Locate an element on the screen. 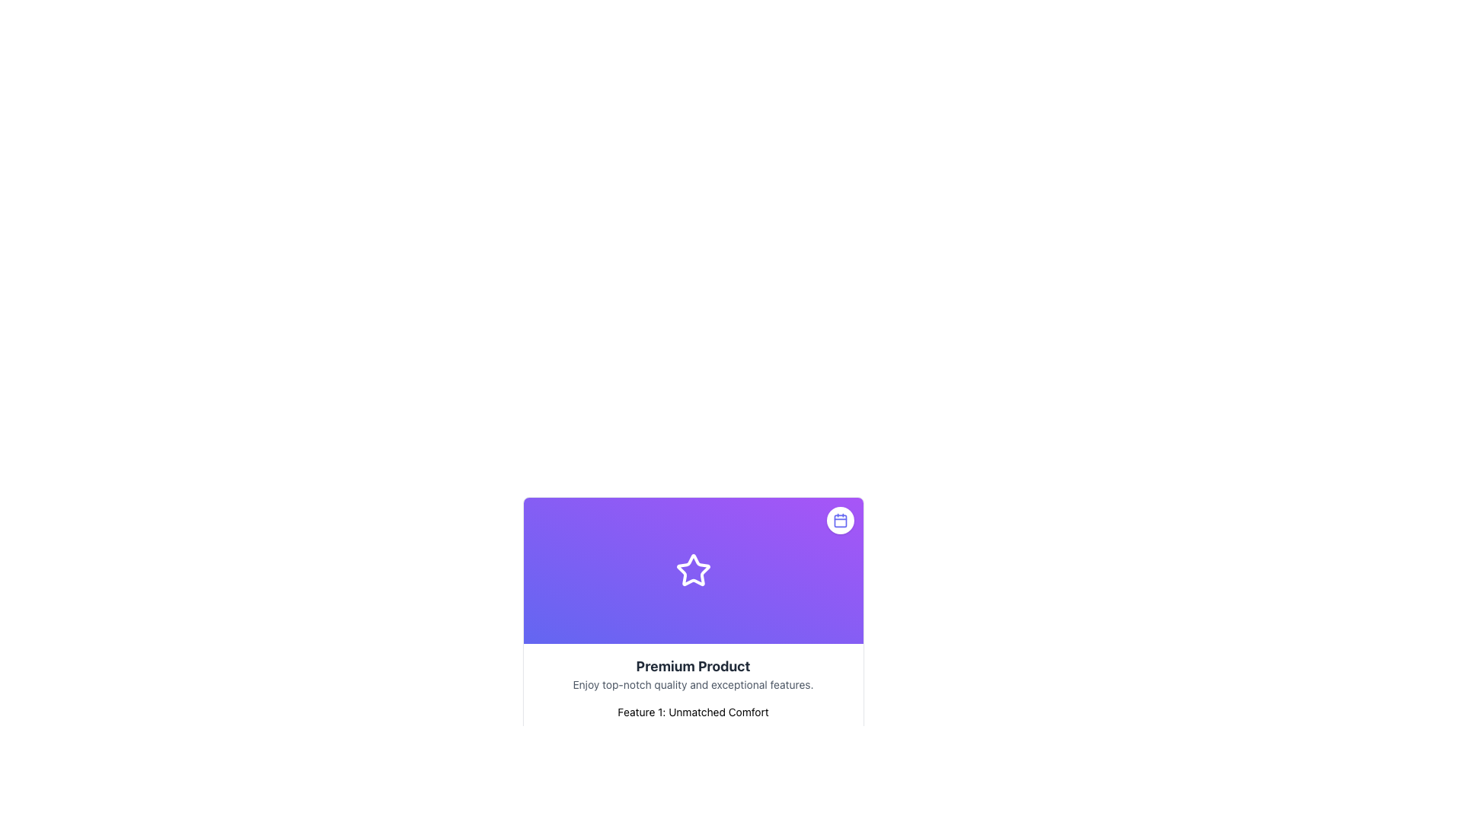  the text element that reads 'Enjoy top-notch quality and exceptional features.' This text is styled in a smaller font size, light gray color, and is positioned below 'Premium Product' and above 'Feature 1: Unmatched Comfort.' is located at coordinates (692, 683).